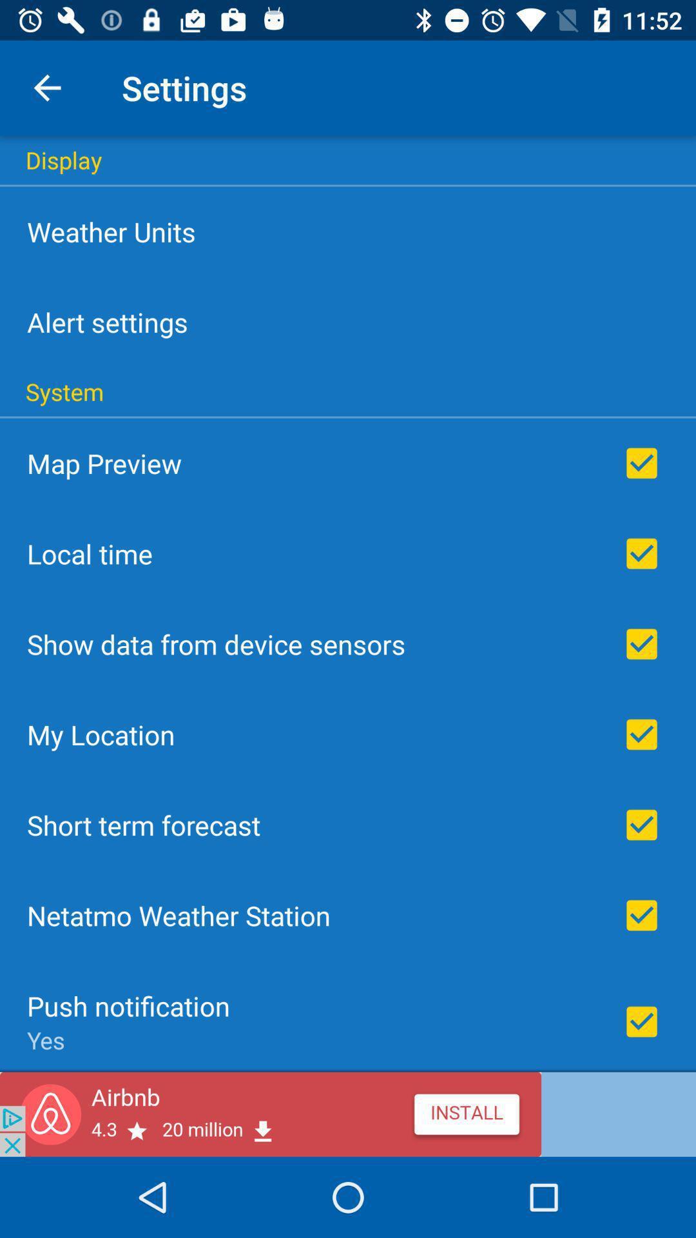 The width and height of the screenshot is (696, 1238). I want to click on install the app, so click(348, 1114).